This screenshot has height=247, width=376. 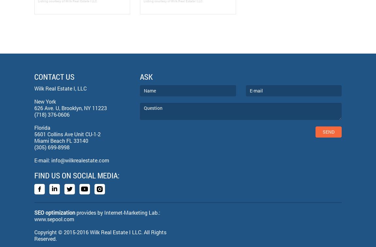 I want to click on 'Wilk Real Estate I, LLC', so click(x=60, y=88).